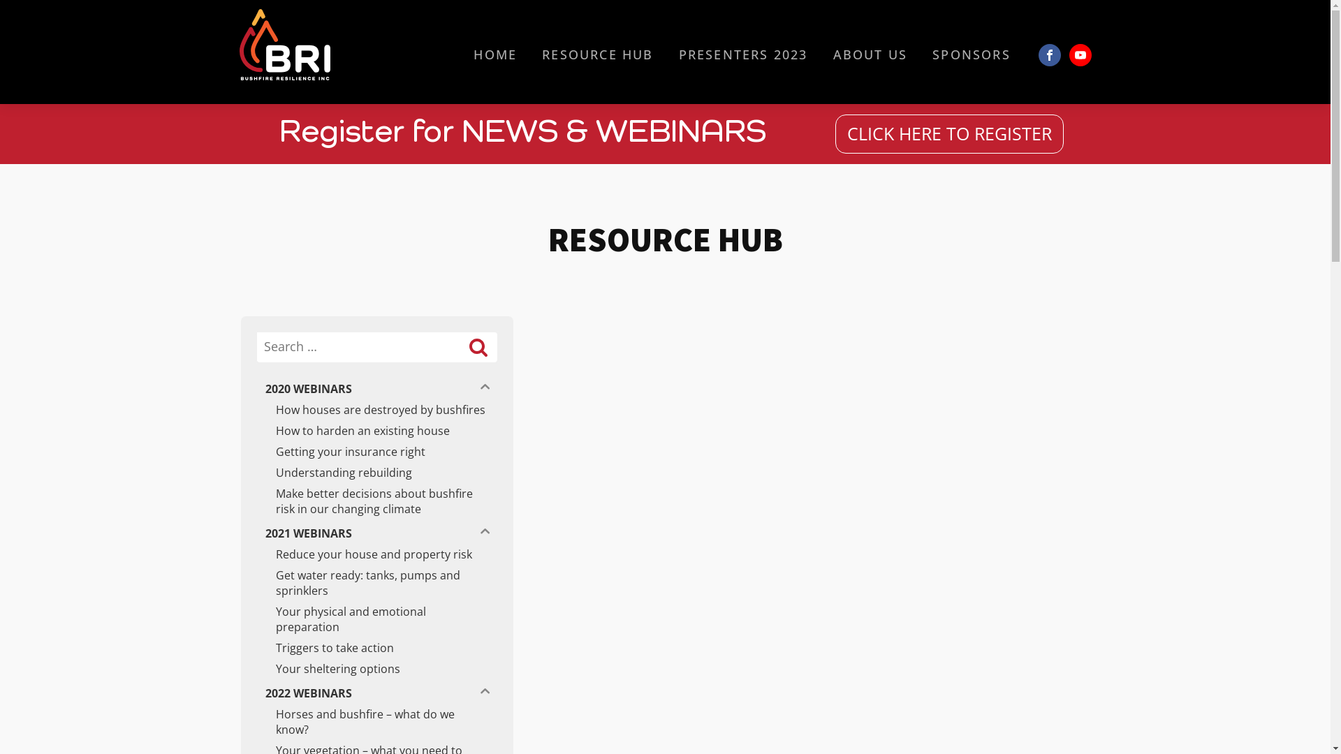 The height and width of the screenshot is (754, 1341). Describe the element at coordinates (376, 667) in the screenshot. I see `'Your sheltering options'` at that location.